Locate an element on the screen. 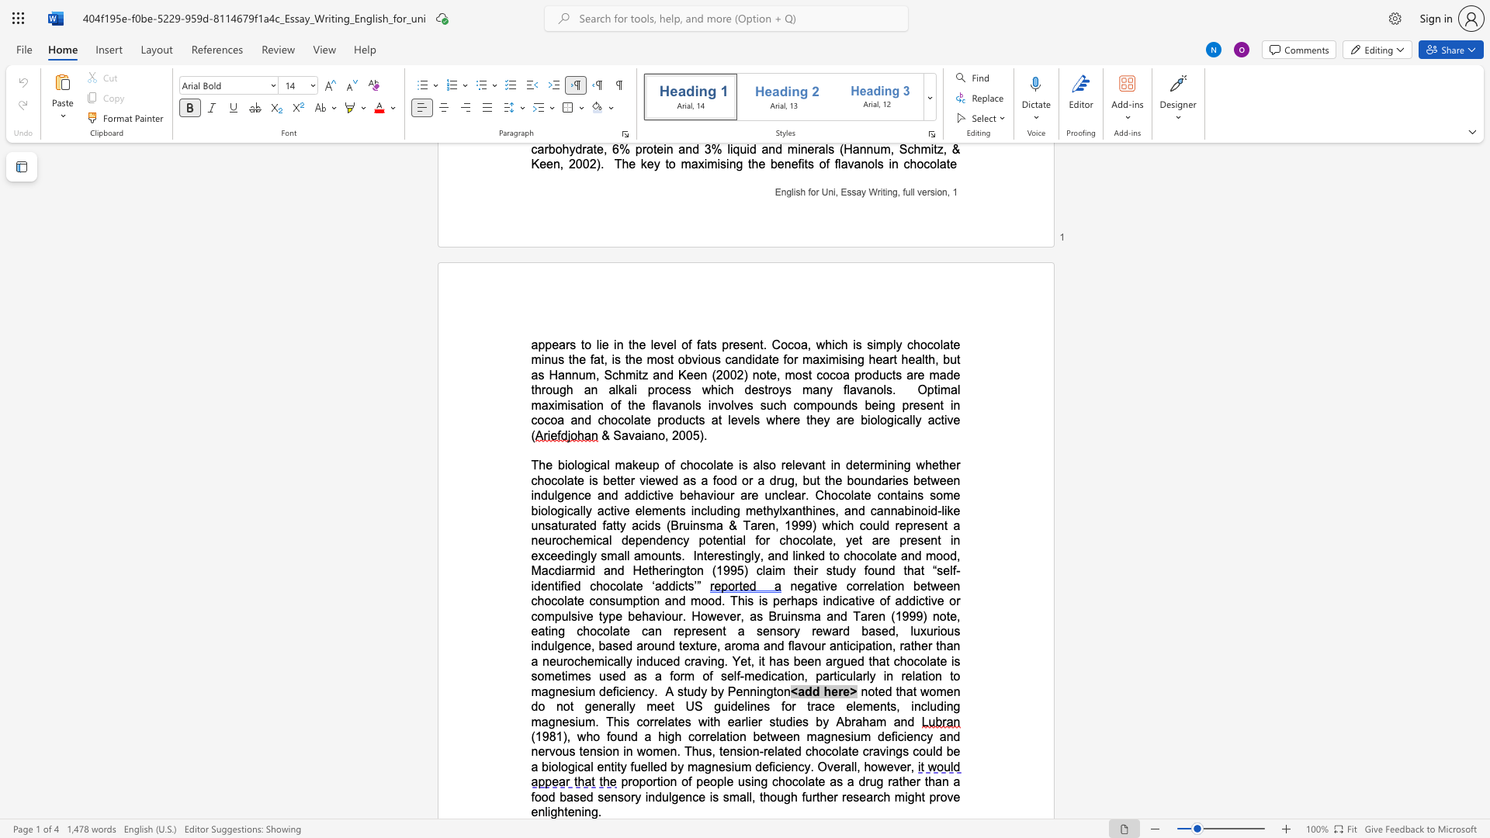 This screenshot has width=1490, height=838. the subset text "ugh f" within the text "proportion of people using chocolate as a drug rather than a food based sensory indulgence is small, though further research might prove enlightening." is located at coordinates (777, 797).